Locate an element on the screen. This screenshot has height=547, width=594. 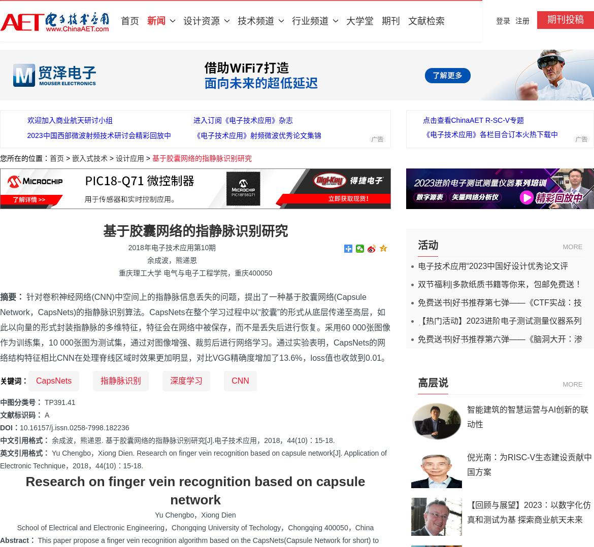
'【热门活动】2023进阶电子测试测量仪器系列培训' is located at coordinates (499, 324).